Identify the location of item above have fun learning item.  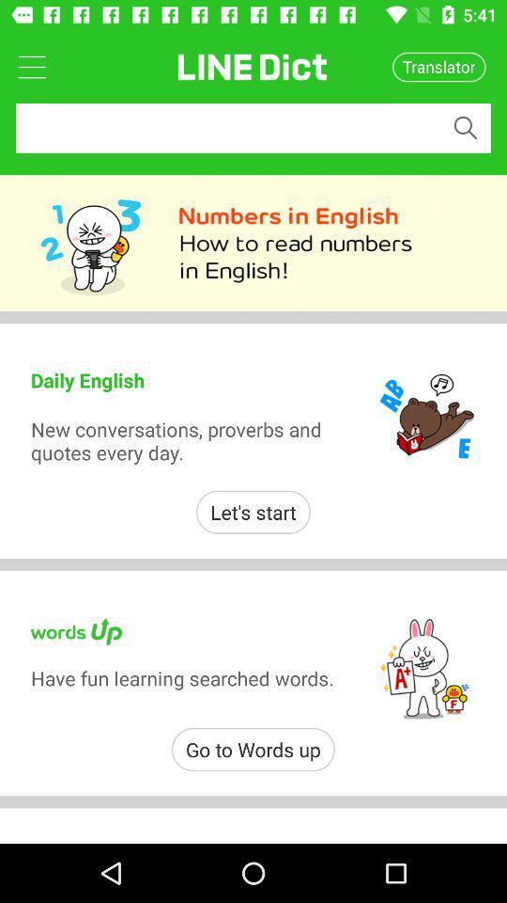
(253, 512).